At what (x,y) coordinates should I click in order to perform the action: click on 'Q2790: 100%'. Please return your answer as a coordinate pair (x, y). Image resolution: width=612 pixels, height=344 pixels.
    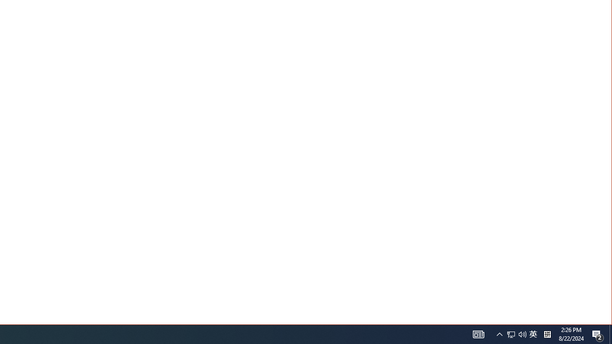
    Looking at the image, I should click on (522, 333).